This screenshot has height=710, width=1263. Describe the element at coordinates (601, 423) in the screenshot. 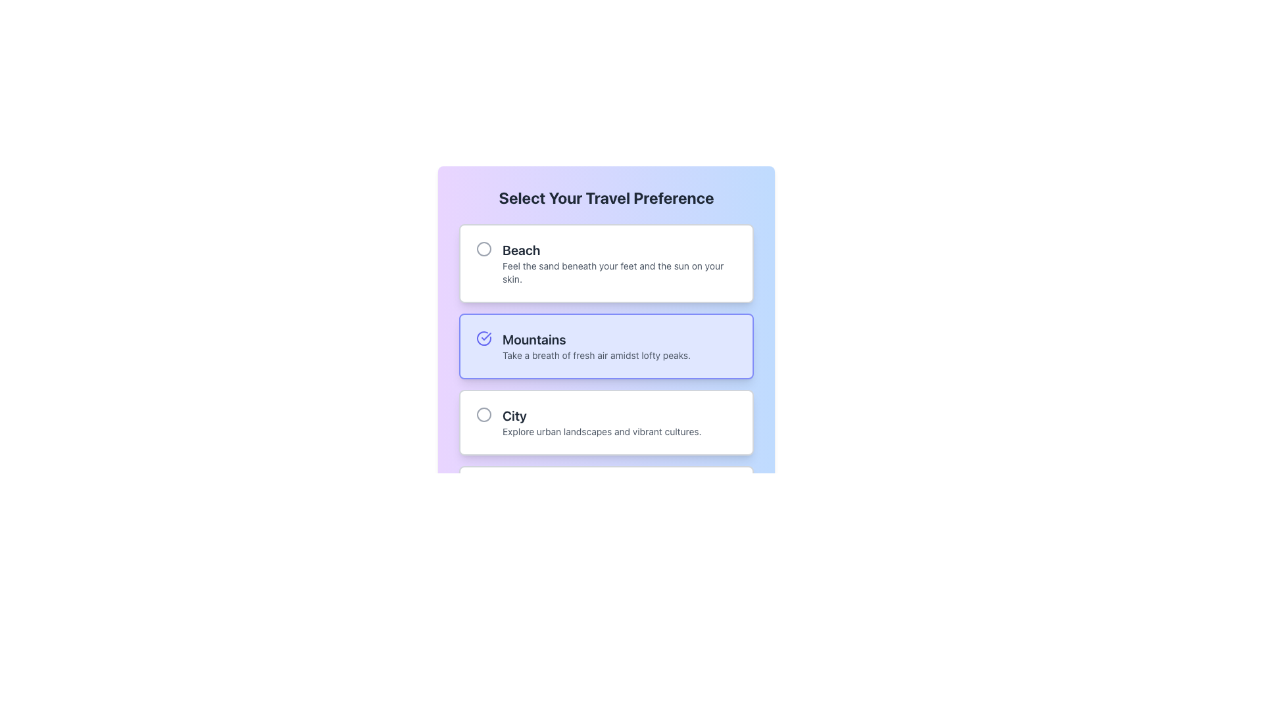

I see `the Text content block labeled 'City' that features a heading in bold and a sub-caption about urban landscapes, located under 'Select Your Travel Preference'` at that location.